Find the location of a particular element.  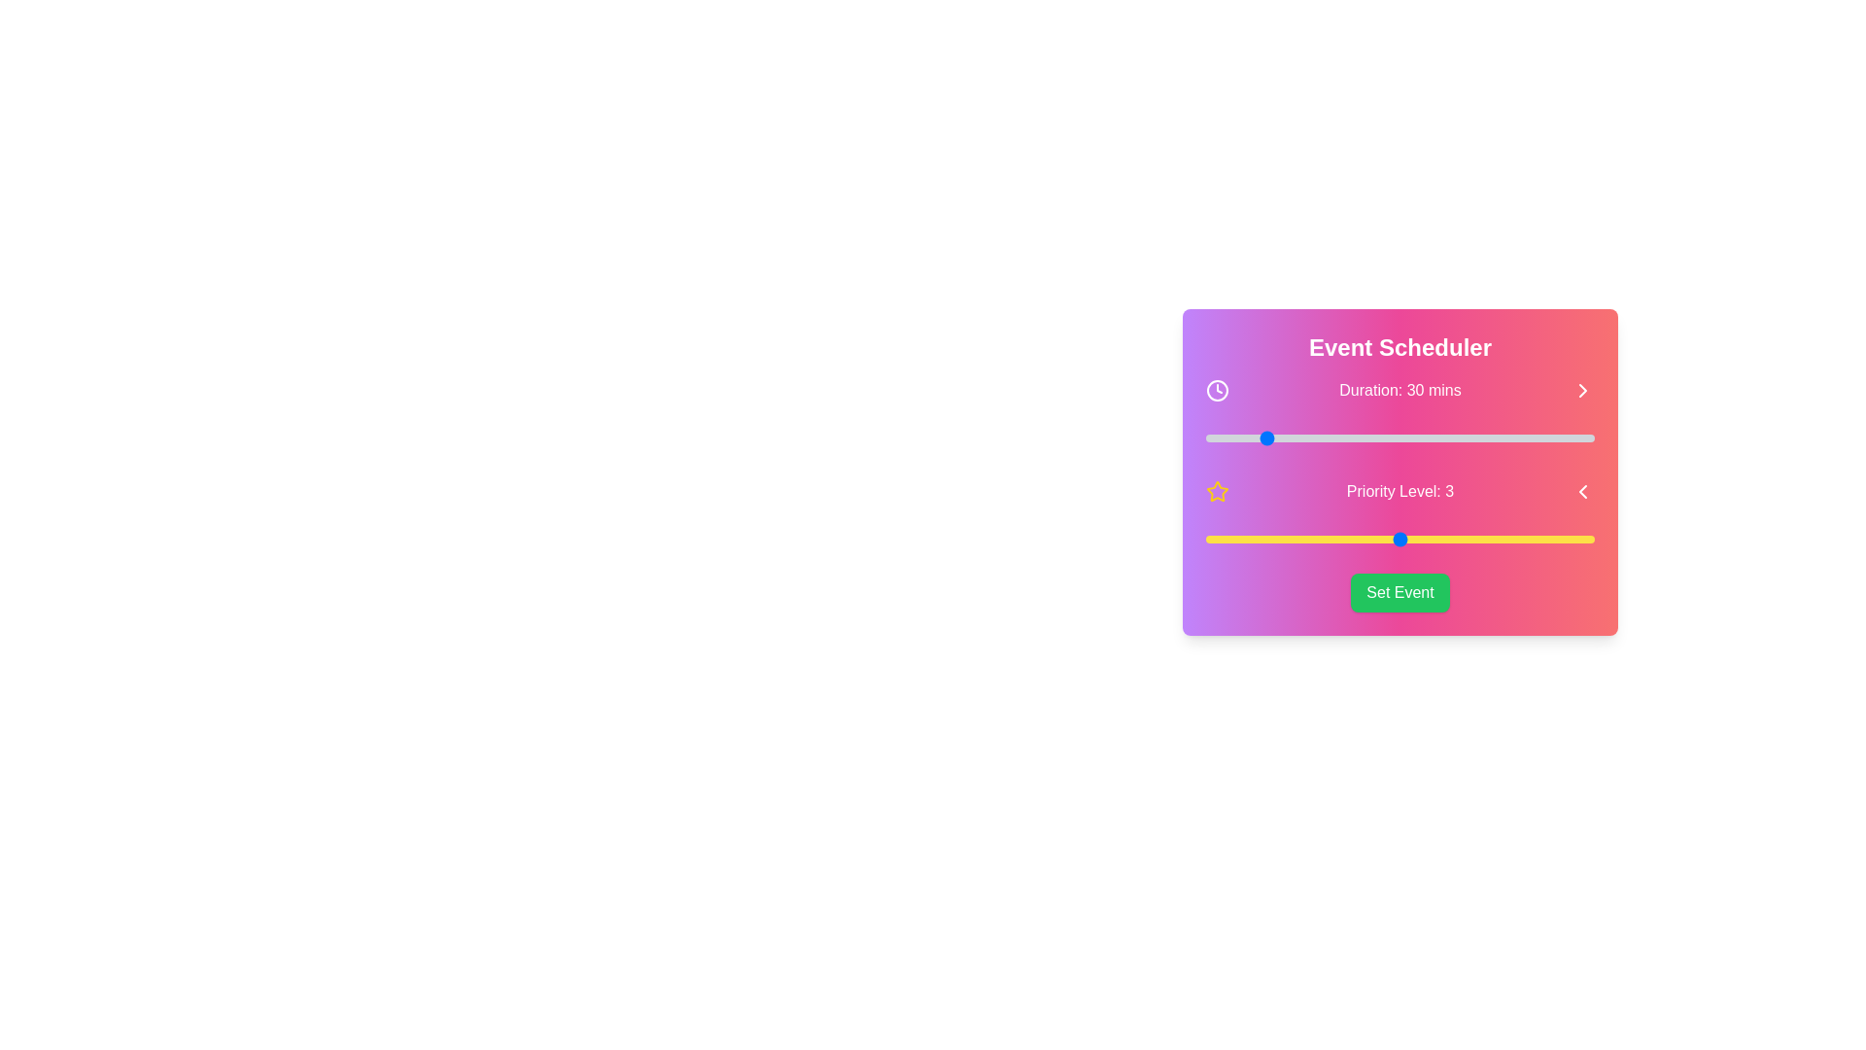

the Label with icons displaying 'Priority Level: 3', which is located in a gradient-colored panel, positioned below 'Duration: 30 mins' and above a yellow slider is located at coordinates (1399, 490).